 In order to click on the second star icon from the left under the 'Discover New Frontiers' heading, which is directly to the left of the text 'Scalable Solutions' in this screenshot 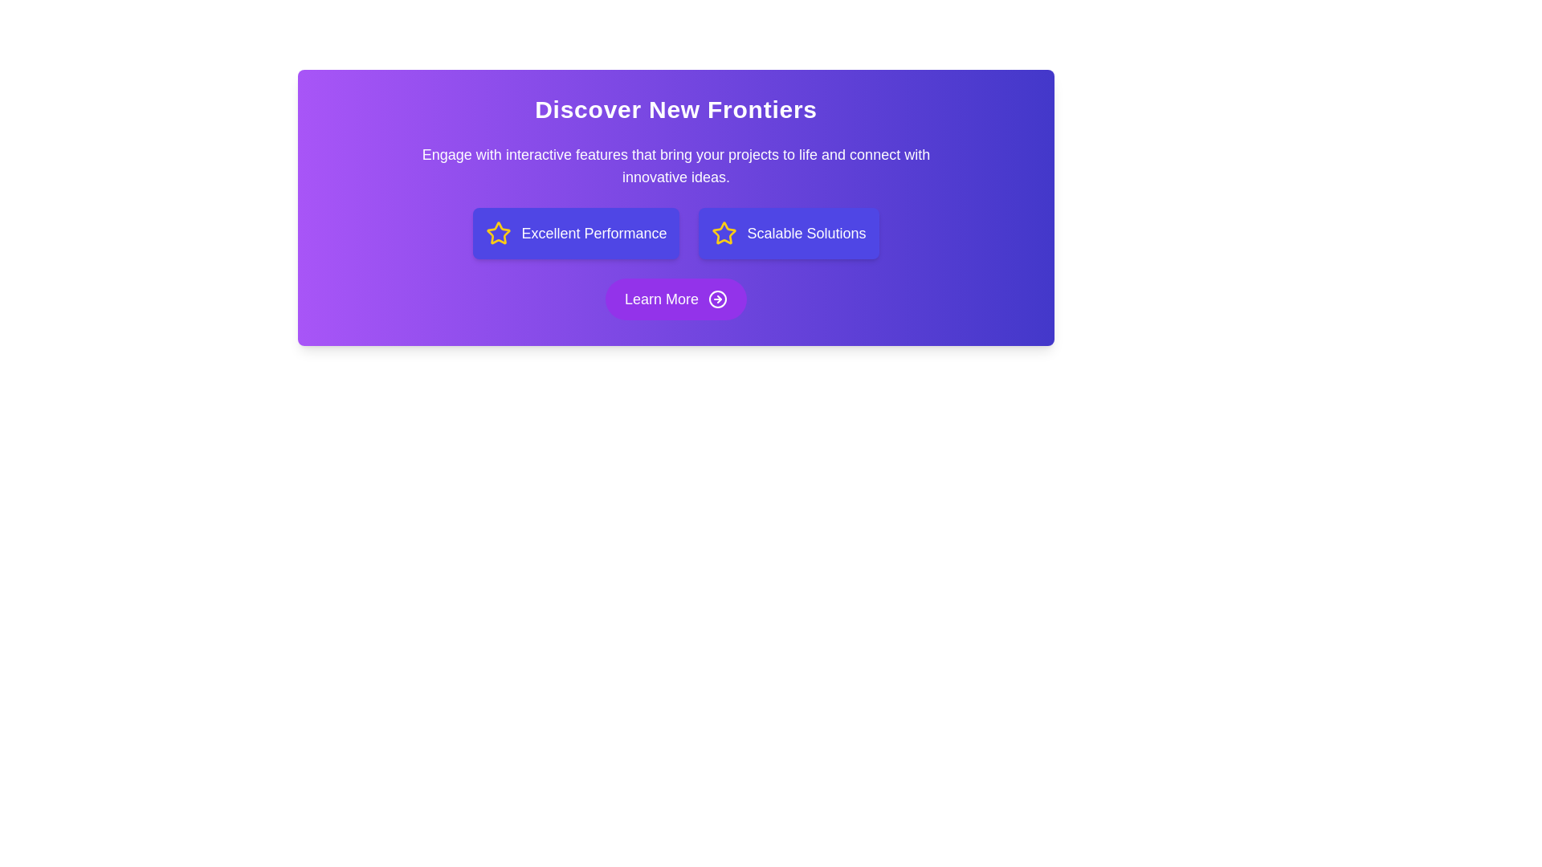, I will do `click(724, 233)`.